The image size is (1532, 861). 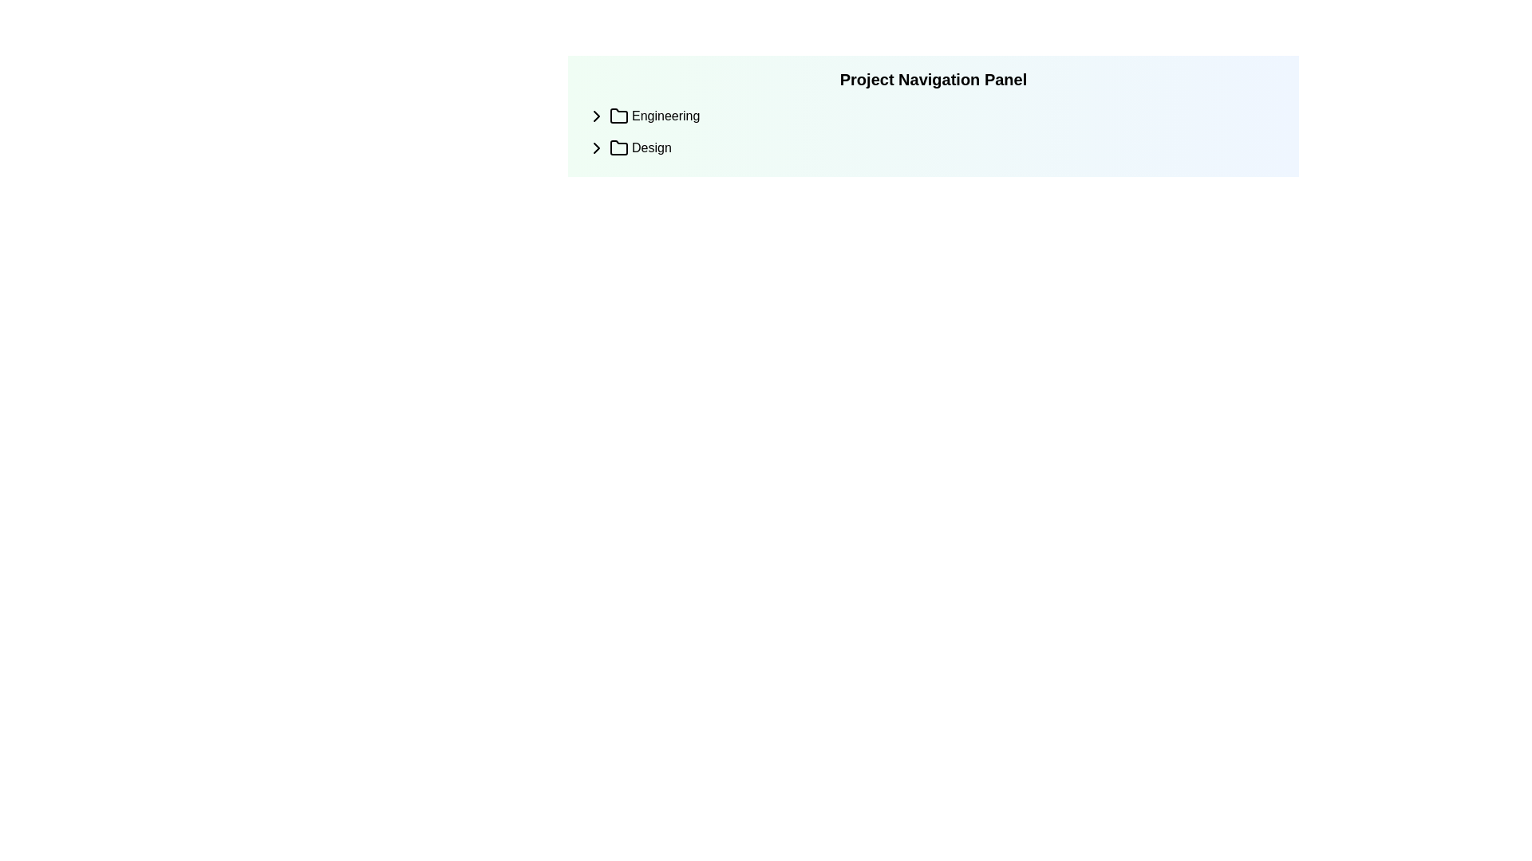 I want to click on the static text heading that serves as a title for the navigation panel, located above the 'Engineering' and 'Design' elements, so click(x=934, y=80).